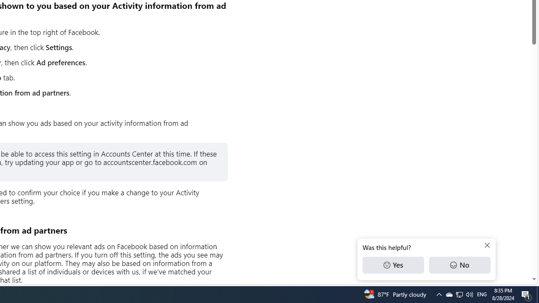 This screenshot has width=539, height=303. What do you see at coordinates (393, 265) in the screenshot?
I see `'Yes'` at bounding box center [393, 265].